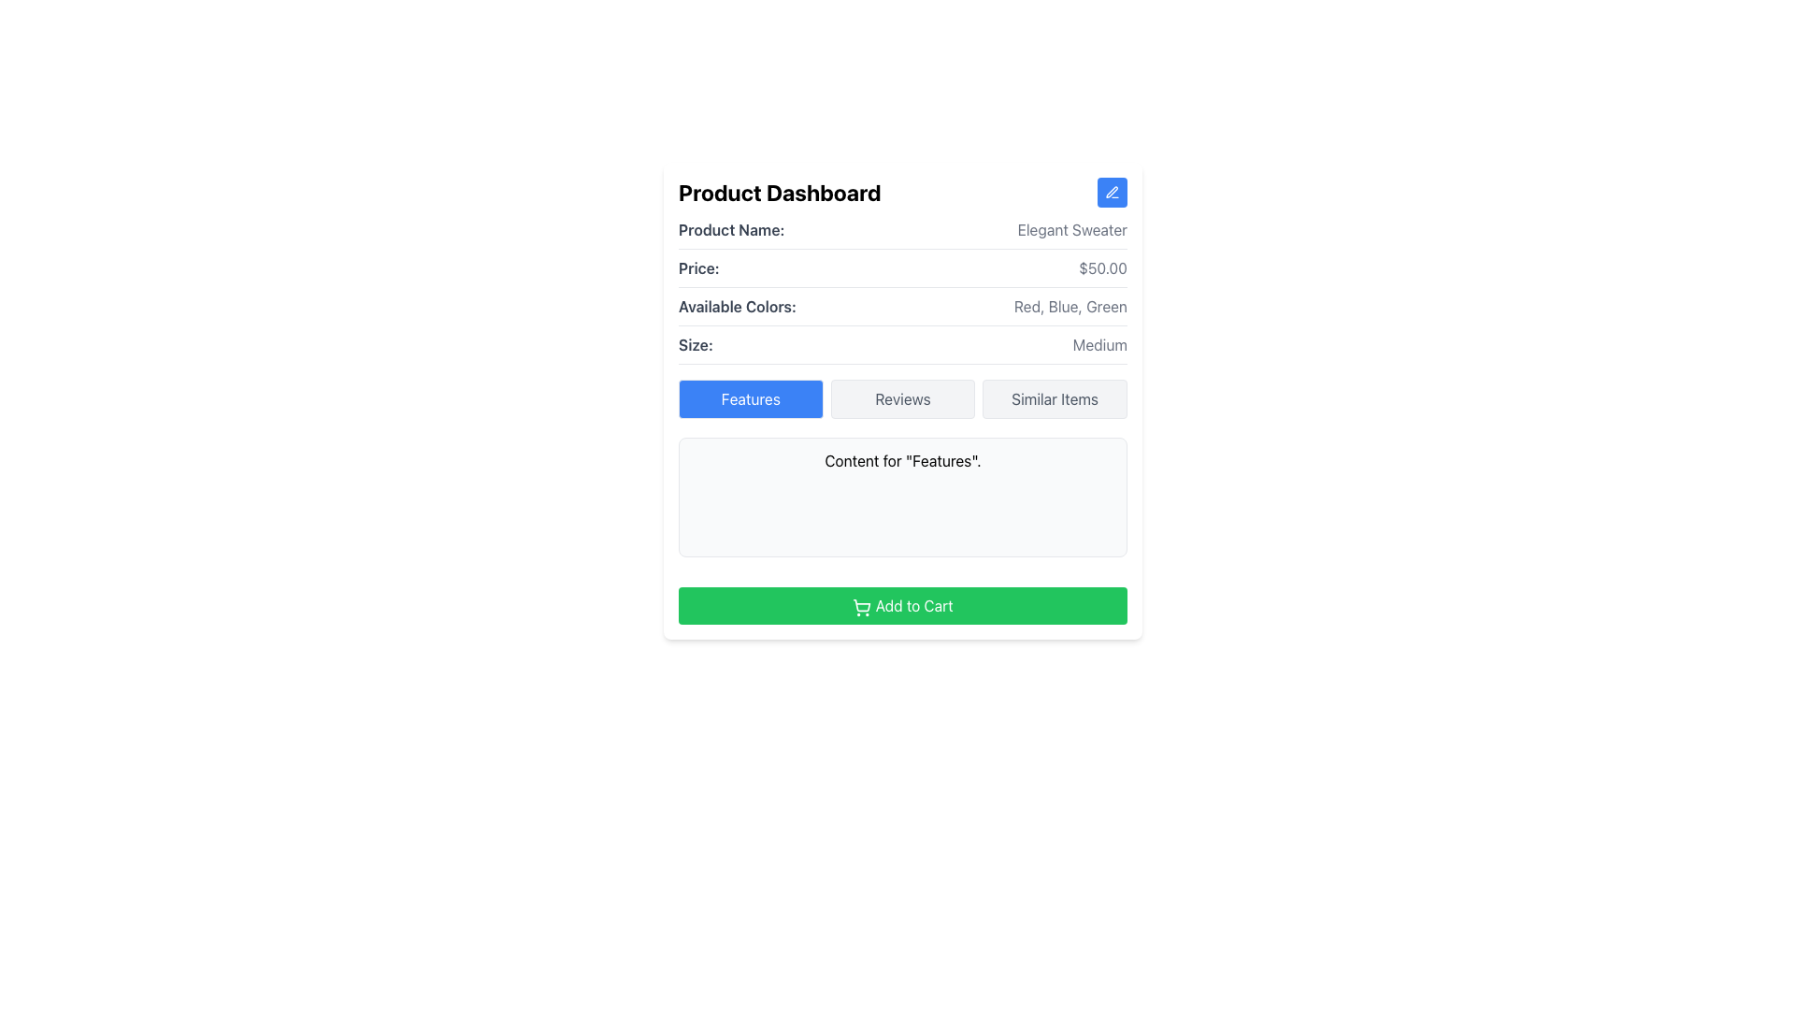 The image size is (1795, 1010). Describe the element at coordinates (695, 345) in the screenshot. I see `the text label 'Size:' which is styled in bold dark gray and positioned to the left of the 'Medium' text in the section labeled 'Size: Medium'` at that location.